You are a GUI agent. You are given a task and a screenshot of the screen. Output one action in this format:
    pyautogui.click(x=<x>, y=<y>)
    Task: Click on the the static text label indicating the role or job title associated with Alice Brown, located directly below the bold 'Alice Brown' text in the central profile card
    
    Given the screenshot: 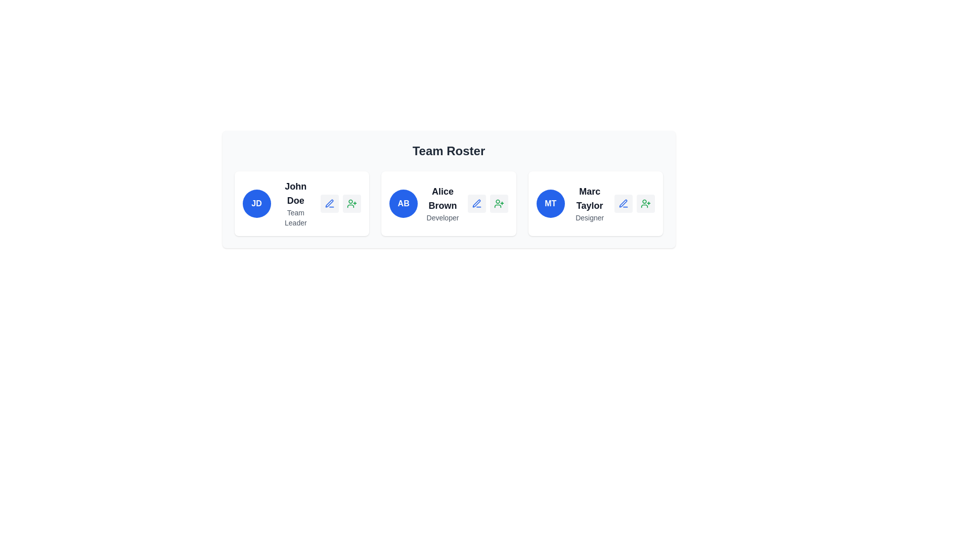 What is the action you would take?
    pyautogui.click(x=443, y=217)
    